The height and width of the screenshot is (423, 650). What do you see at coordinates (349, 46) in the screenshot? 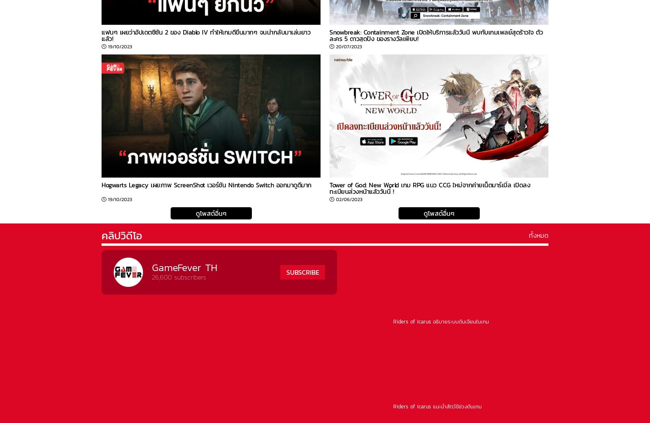
I see `'20/07/2023'` at bounding box center [349, 46].